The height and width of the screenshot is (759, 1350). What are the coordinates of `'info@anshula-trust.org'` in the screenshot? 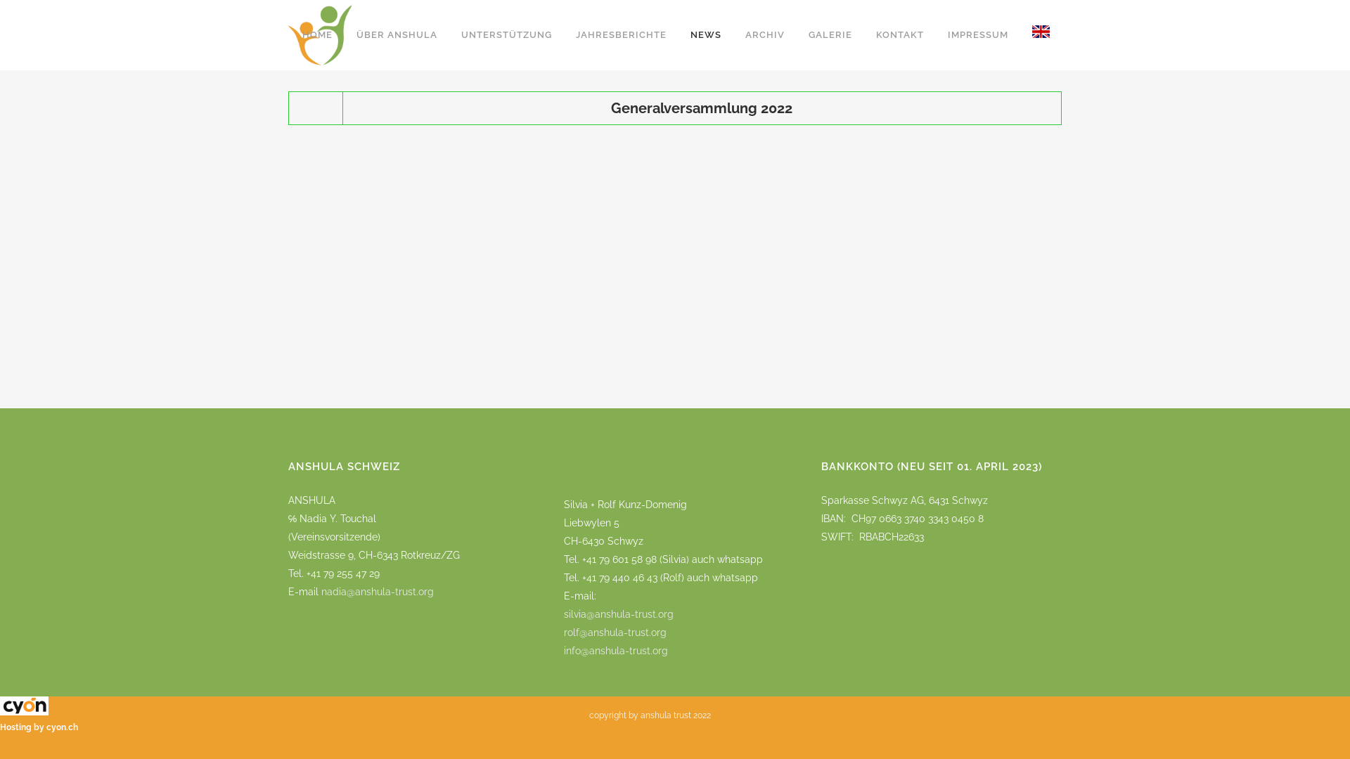 It's located at (616, 659).